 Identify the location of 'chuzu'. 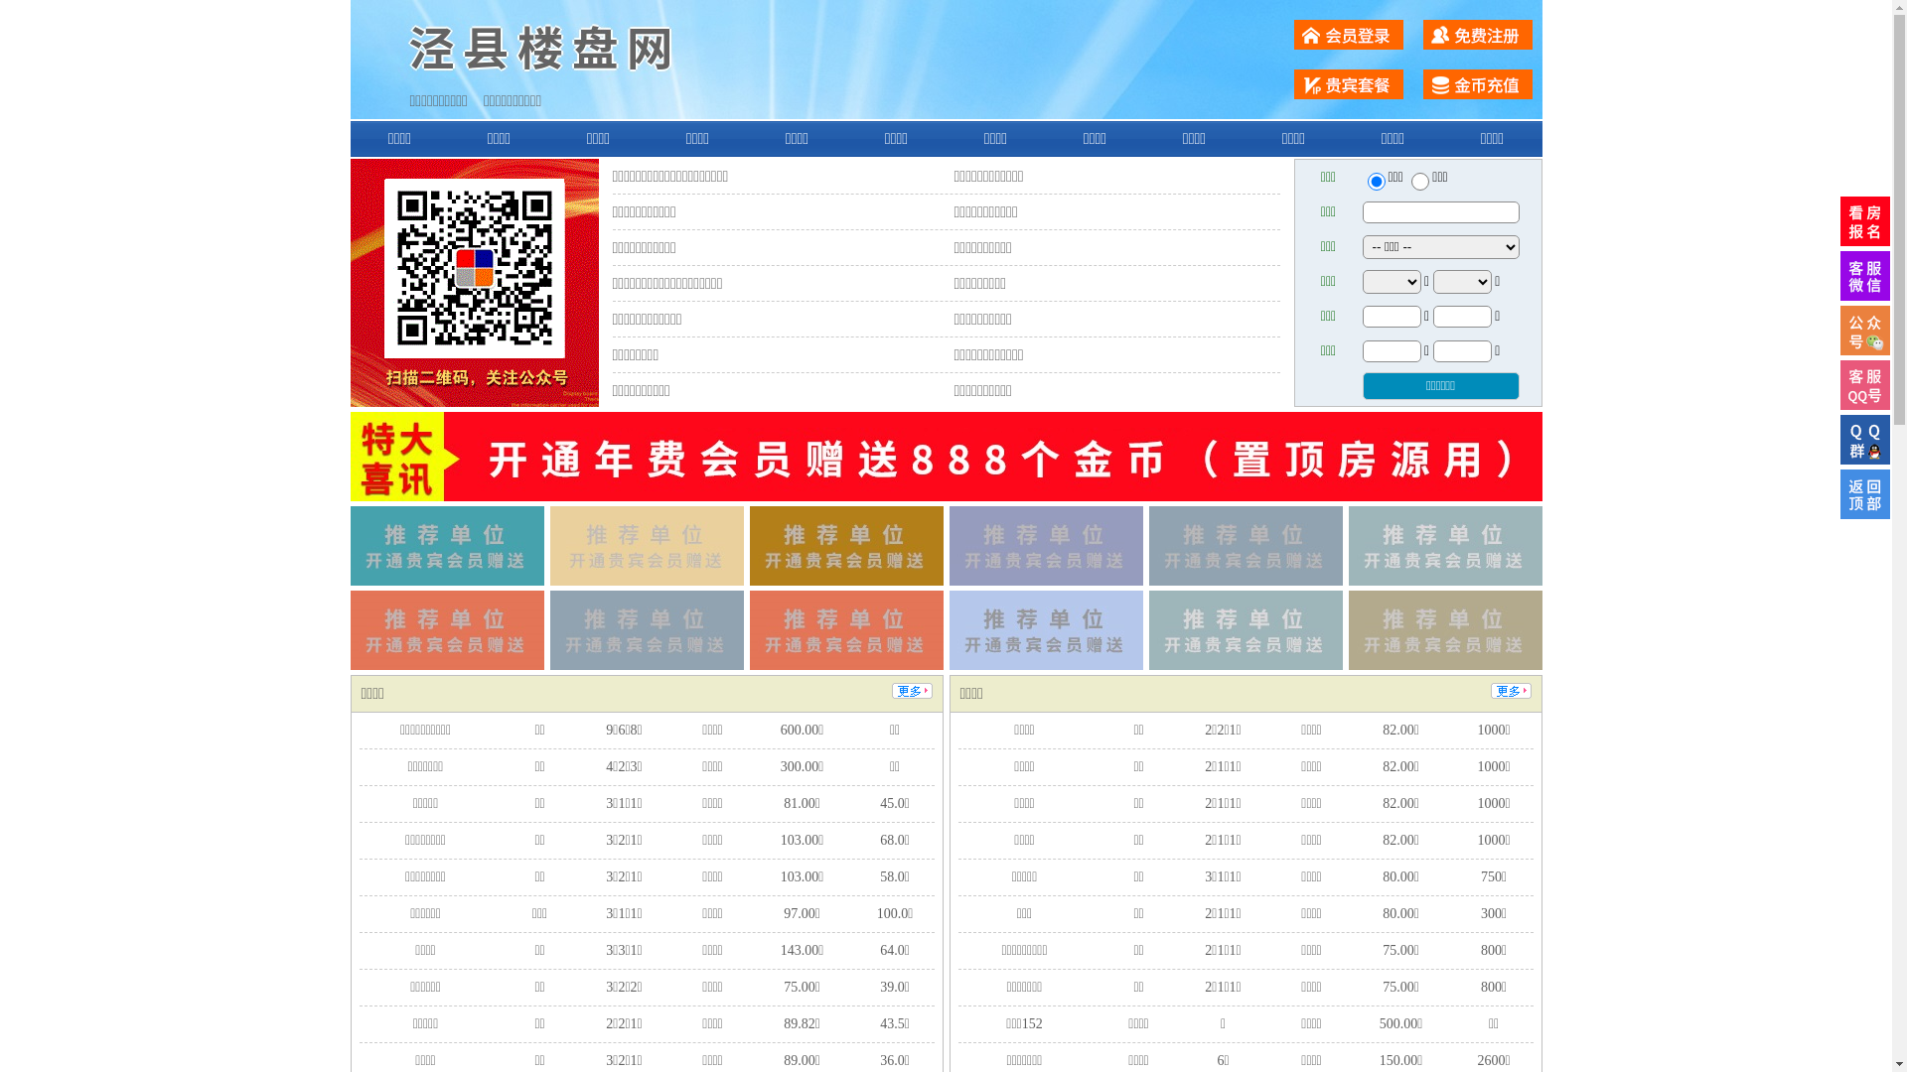
(1419, 181).